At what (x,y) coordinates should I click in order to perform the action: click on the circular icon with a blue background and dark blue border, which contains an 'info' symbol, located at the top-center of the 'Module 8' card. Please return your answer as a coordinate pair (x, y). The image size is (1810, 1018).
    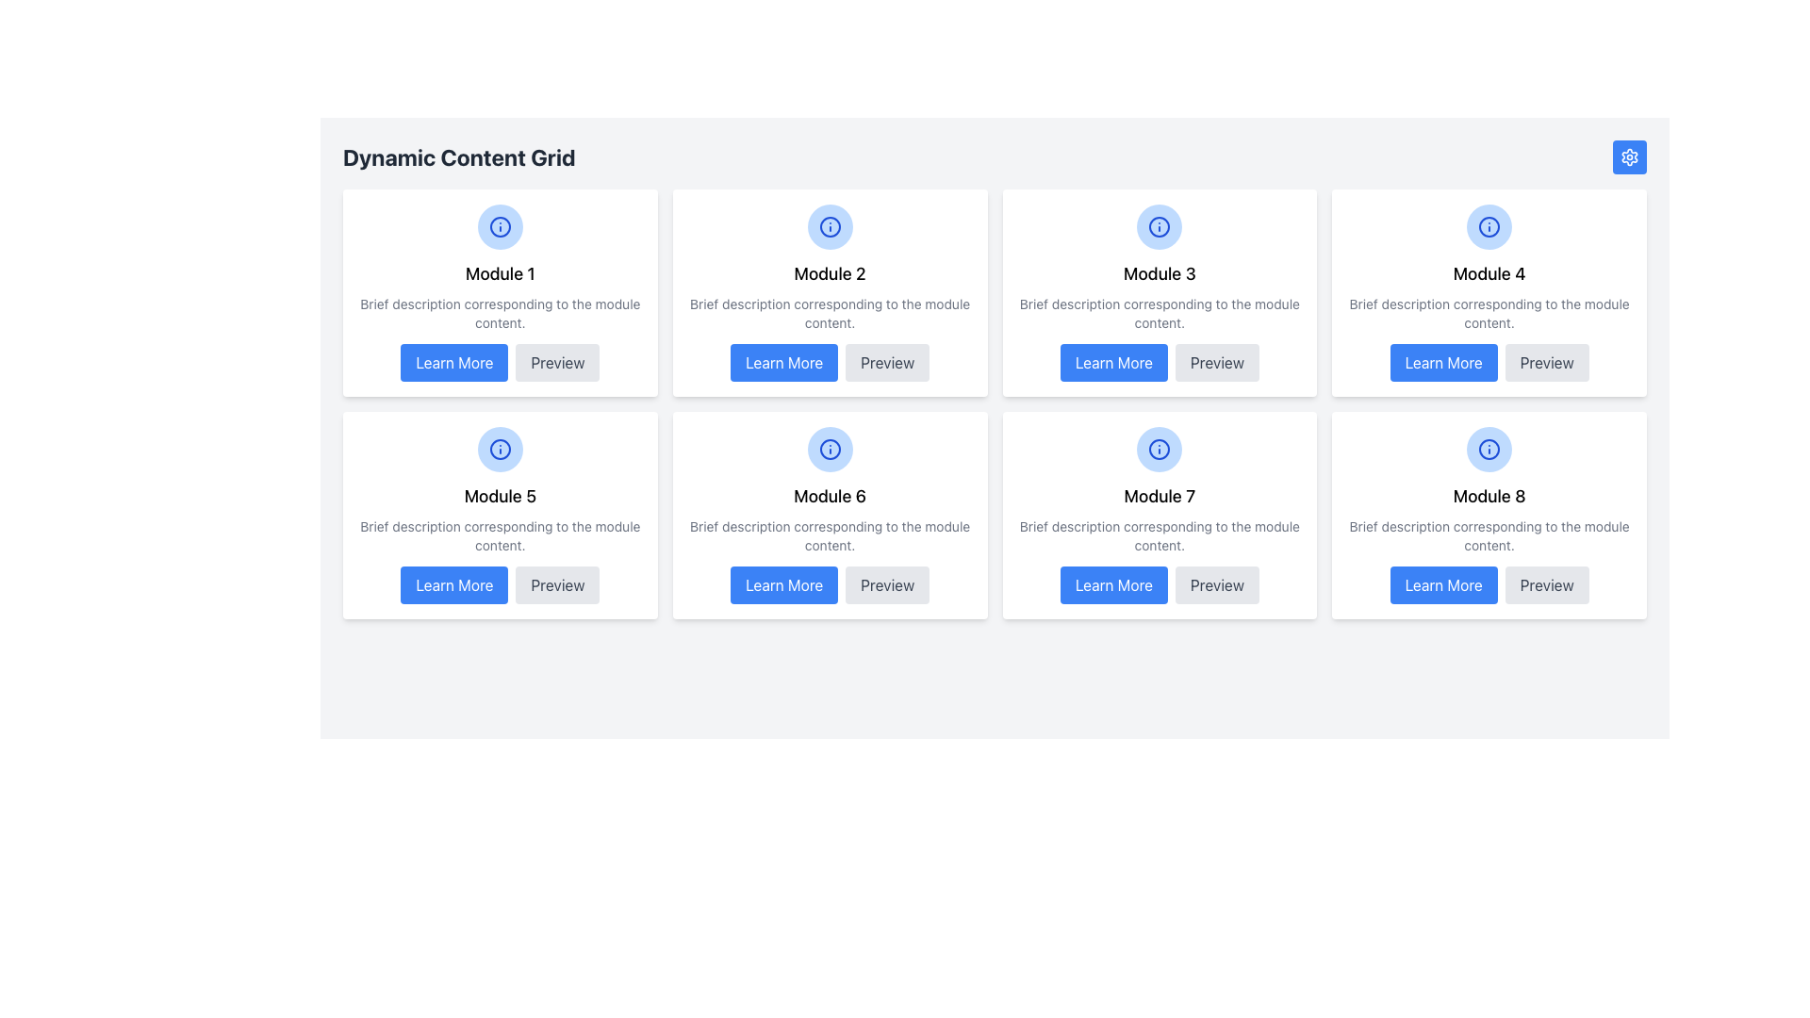
    Looking at the image, I should click on (1489, 450).